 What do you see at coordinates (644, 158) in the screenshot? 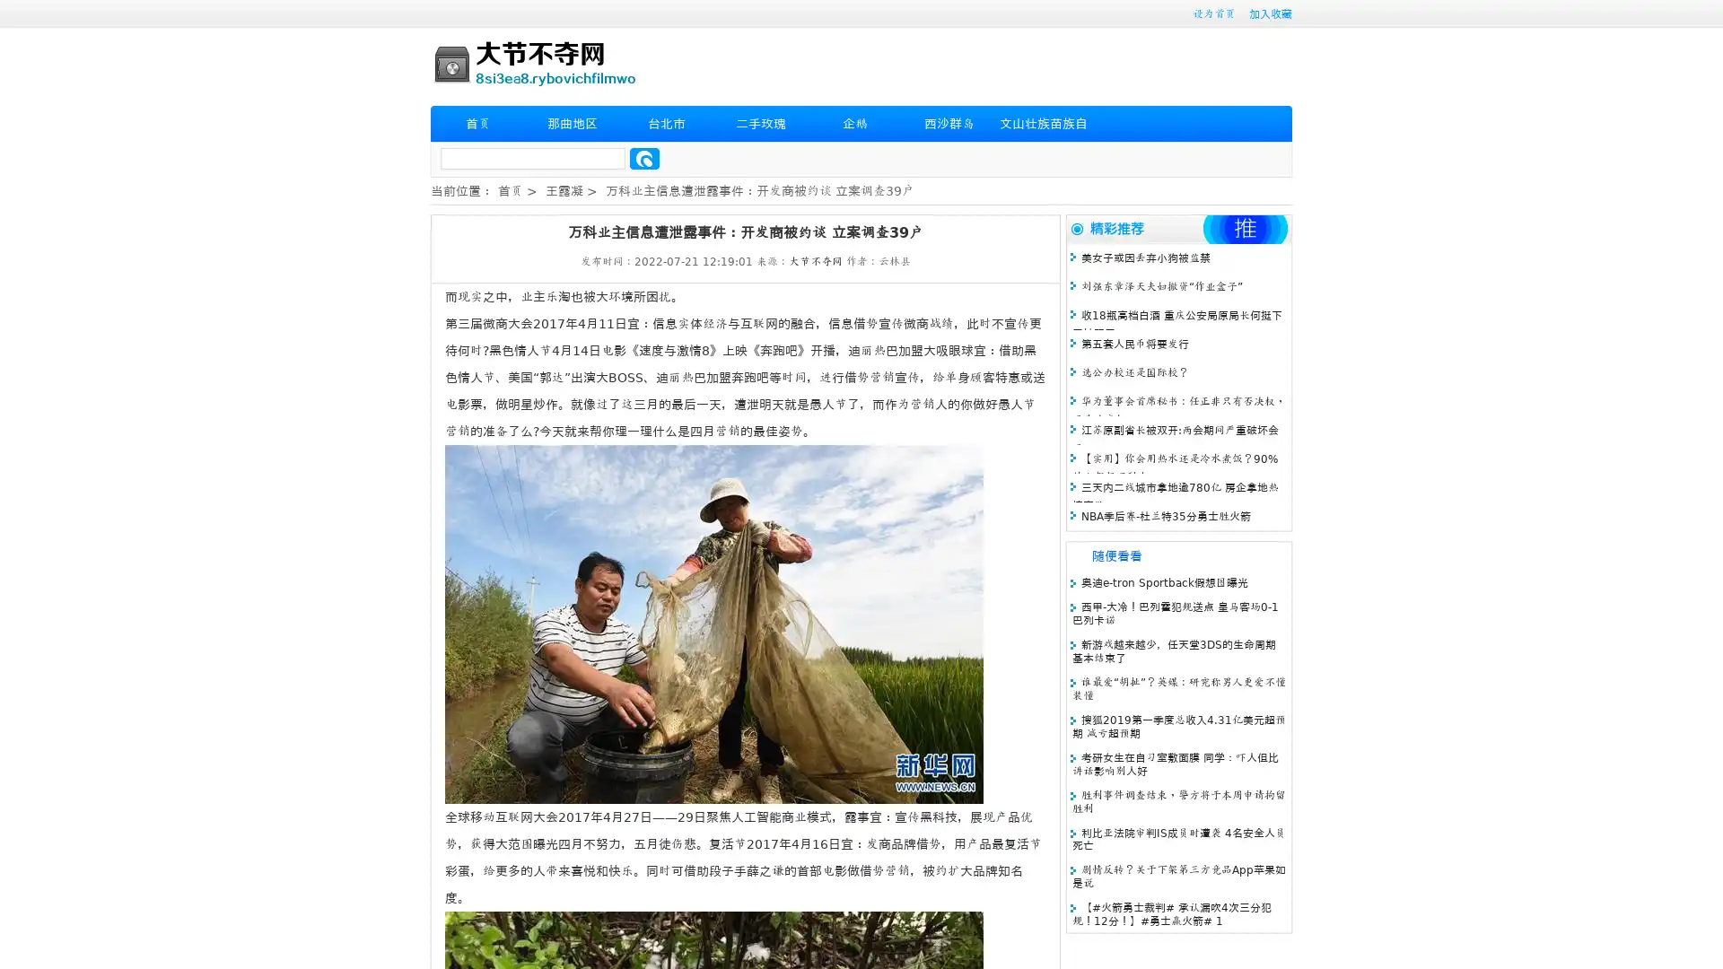
I see `Search` at bounding box center [644, 158].